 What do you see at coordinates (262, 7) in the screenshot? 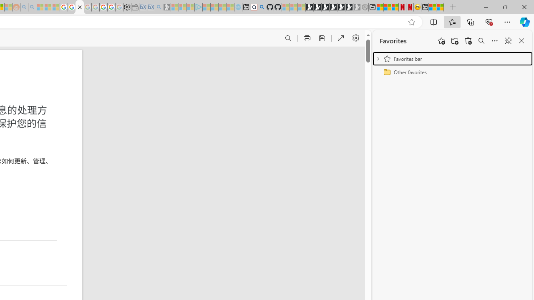
I see `'github - Search'` at bounding box center [262, 7].